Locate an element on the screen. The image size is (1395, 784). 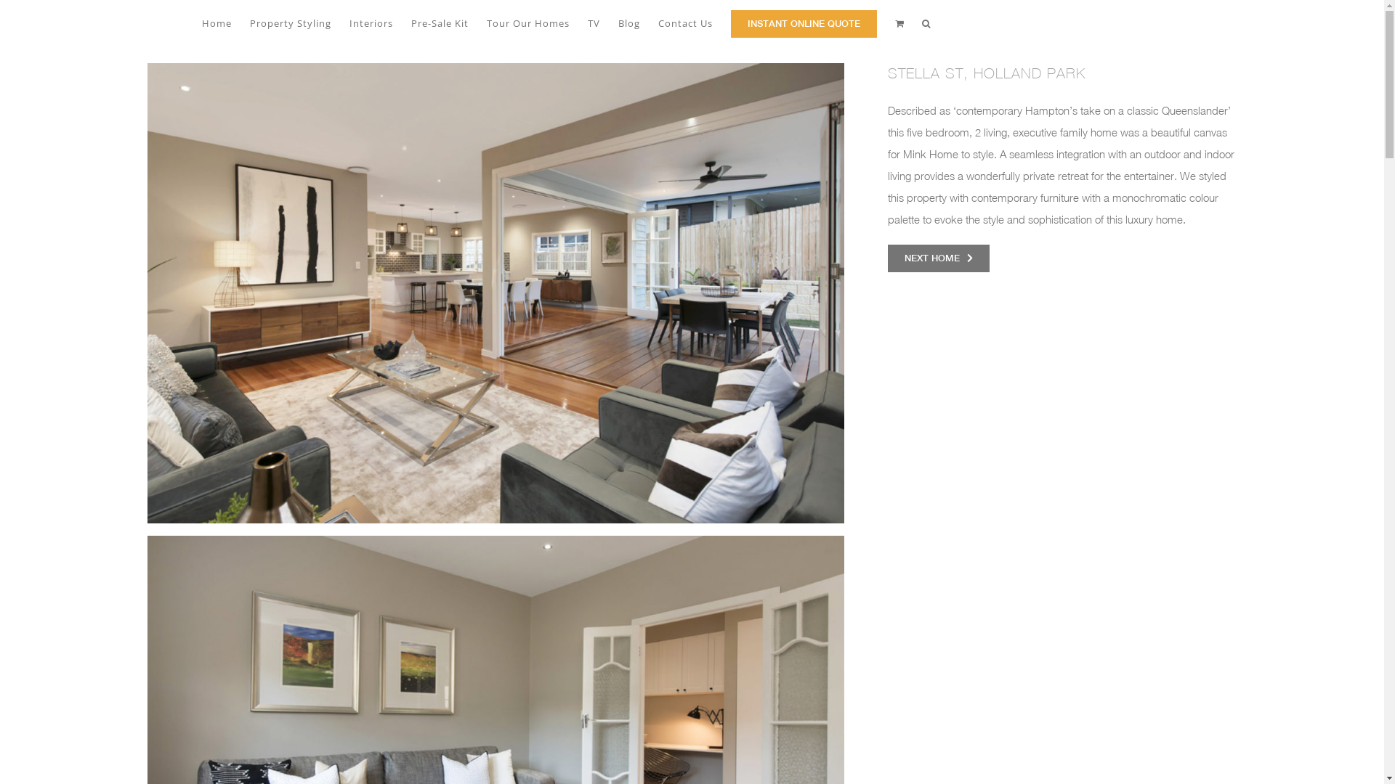
'Home' is located at coordinates (216, 22).